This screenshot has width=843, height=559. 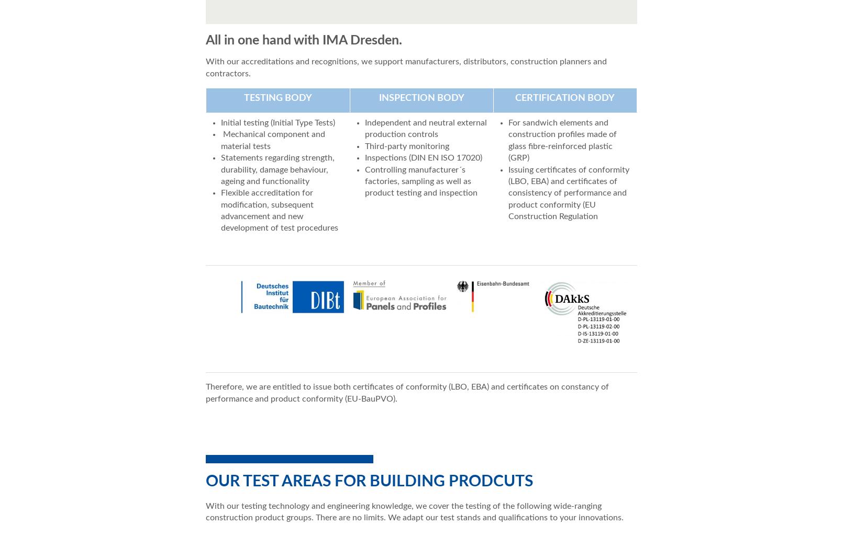 What do you see at coordinates (279, 210) in the screenshot?
I see `'Flexible accreditation for modification, subsequent advancement and new development of test procedures'` at bounding box center [279, 210].